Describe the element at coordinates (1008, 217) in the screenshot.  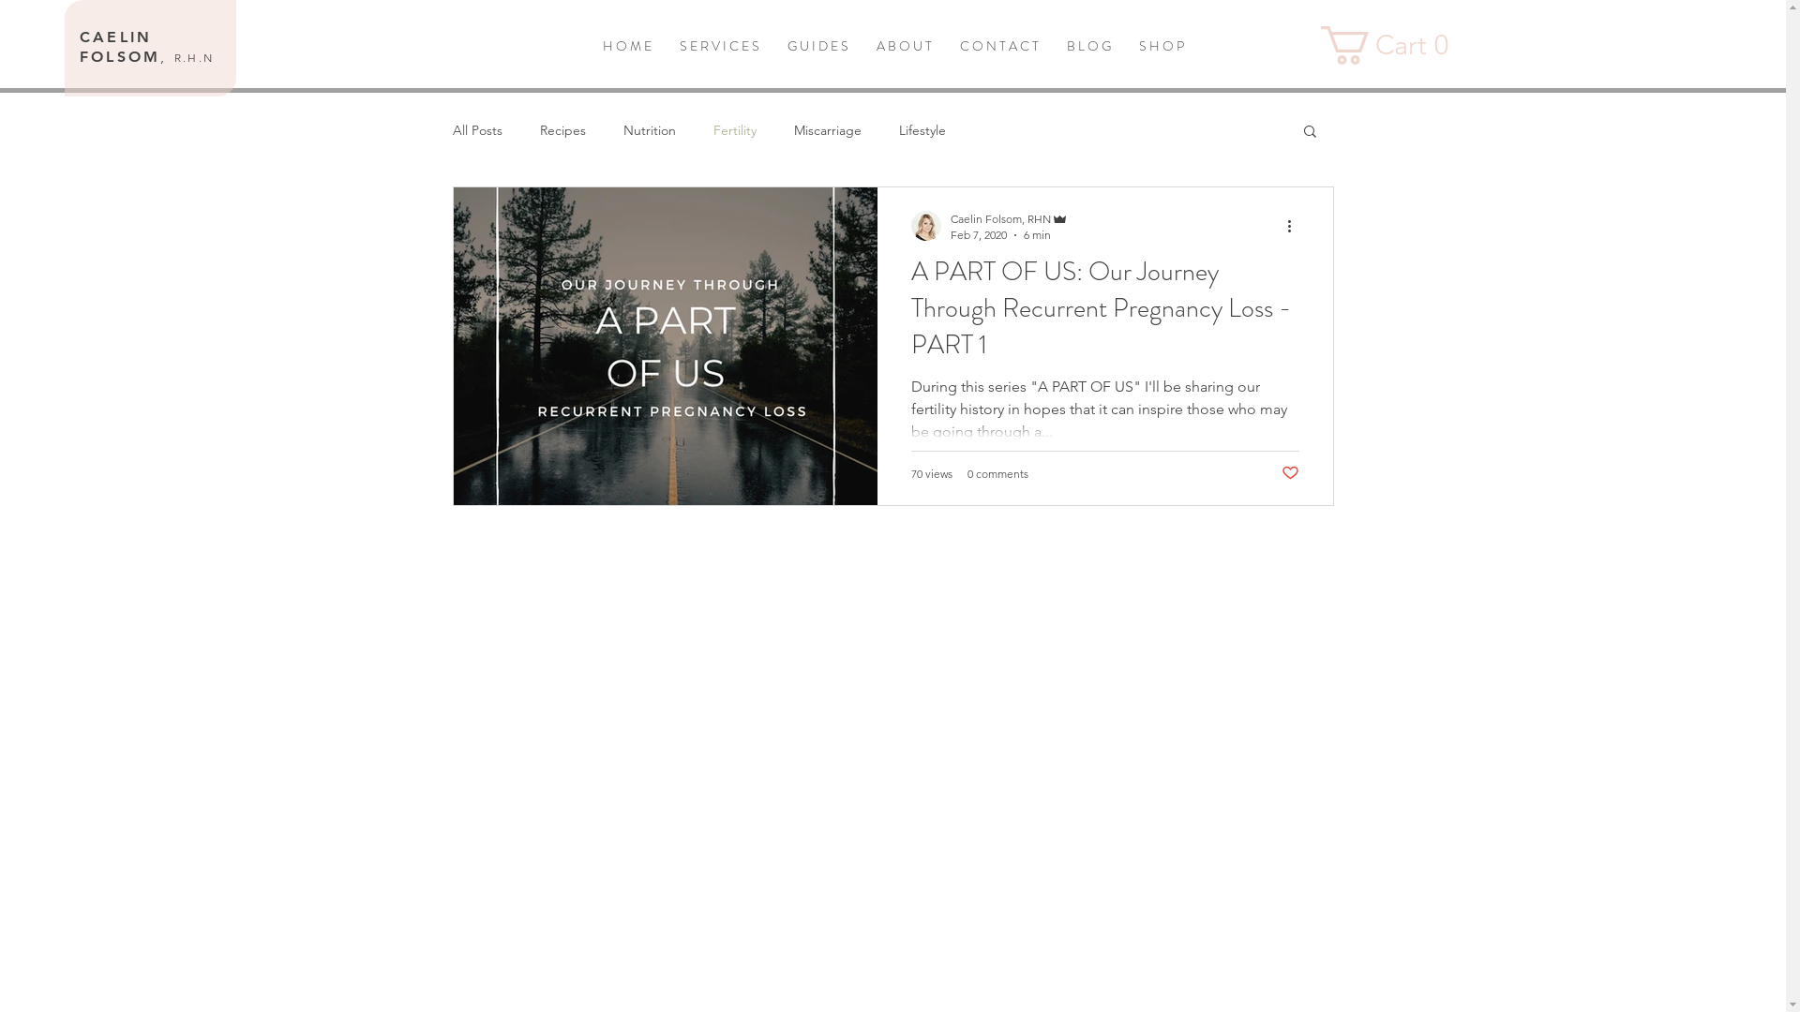
I see `'Caelin Folsom, RHN'` at that location.